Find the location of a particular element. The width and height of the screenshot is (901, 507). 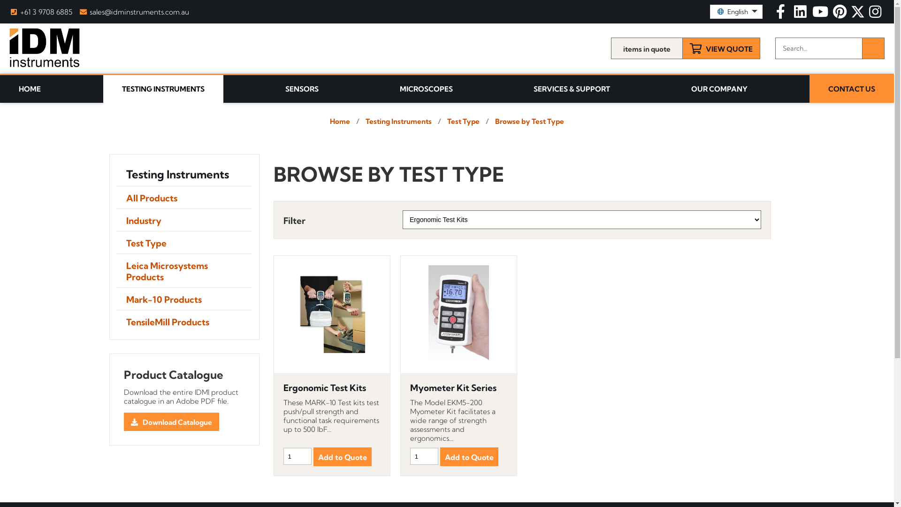

'items' is located at coordinates (611, 48).